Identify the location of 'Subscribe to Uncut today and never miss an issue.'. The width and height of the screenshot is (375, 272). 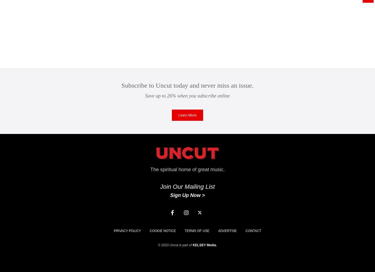
(187, 85).